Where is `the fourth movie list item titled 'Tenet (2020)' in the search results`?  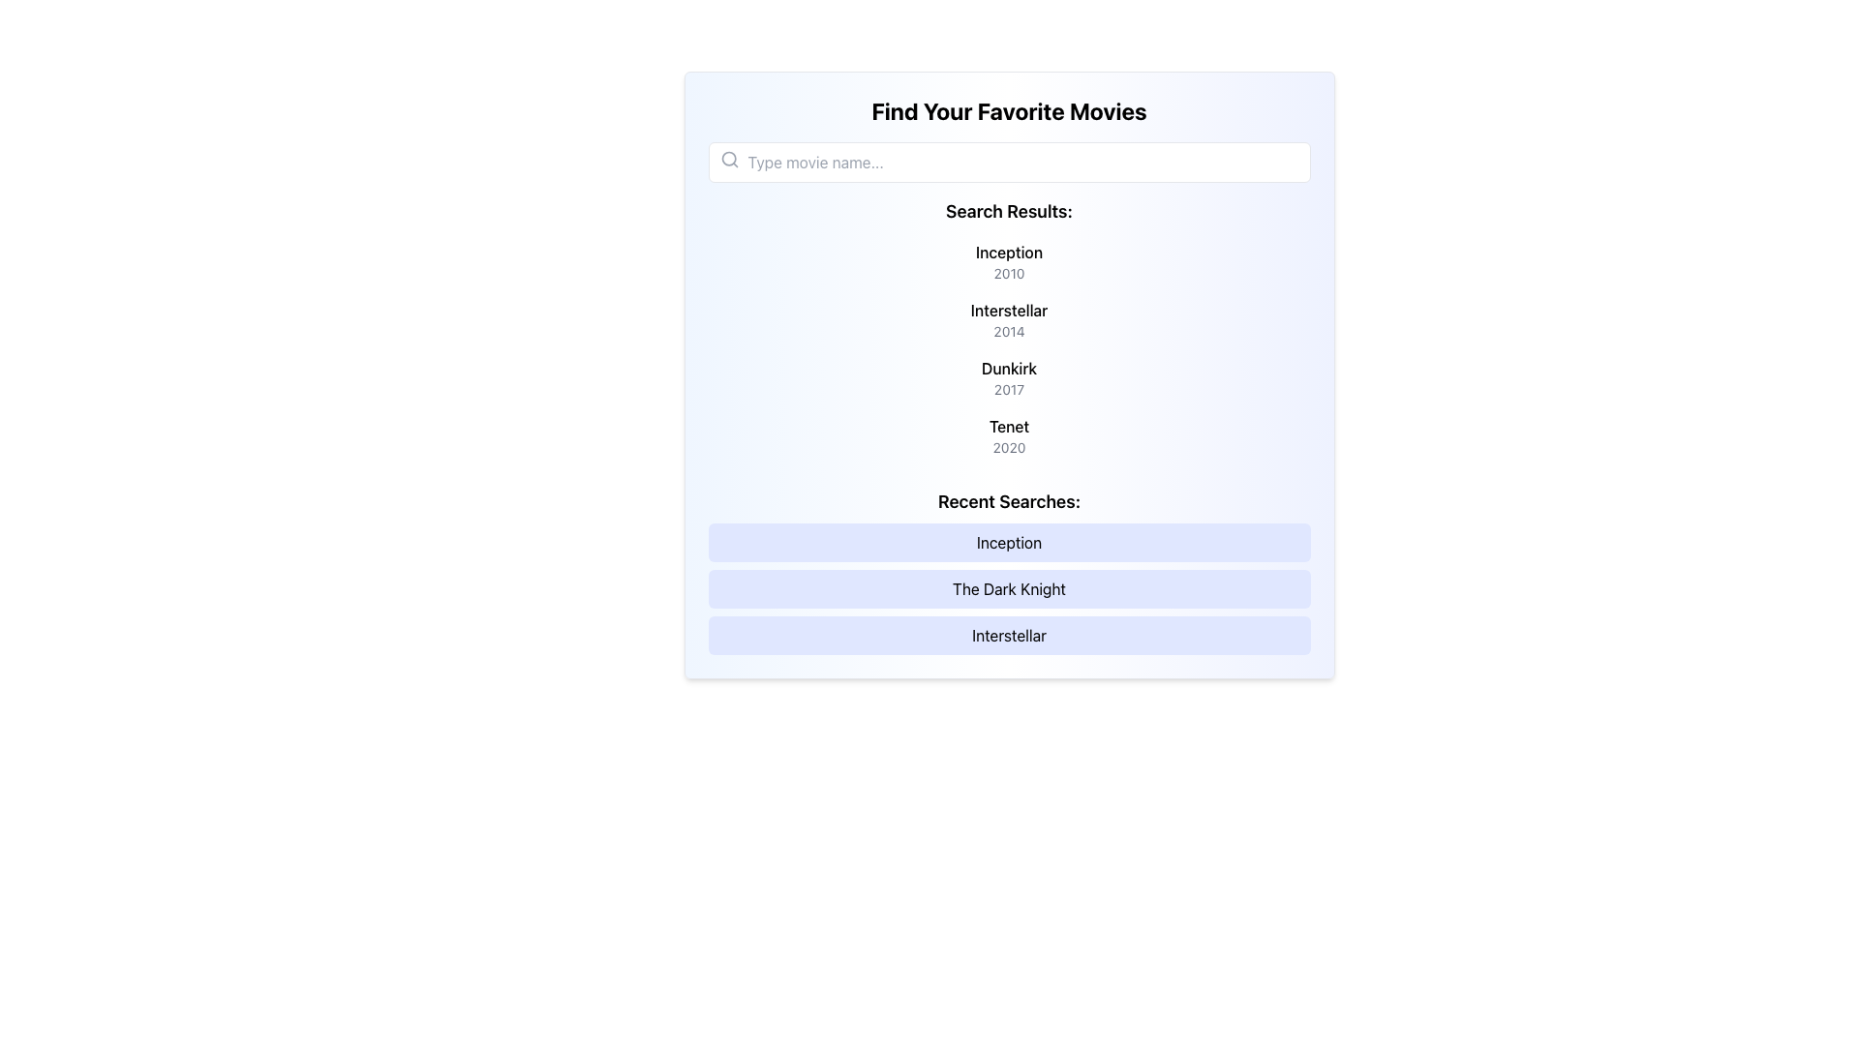
the fourth movie list item titled 'Tenet (2020)' in the search results is located at coordinates (1008, 436).